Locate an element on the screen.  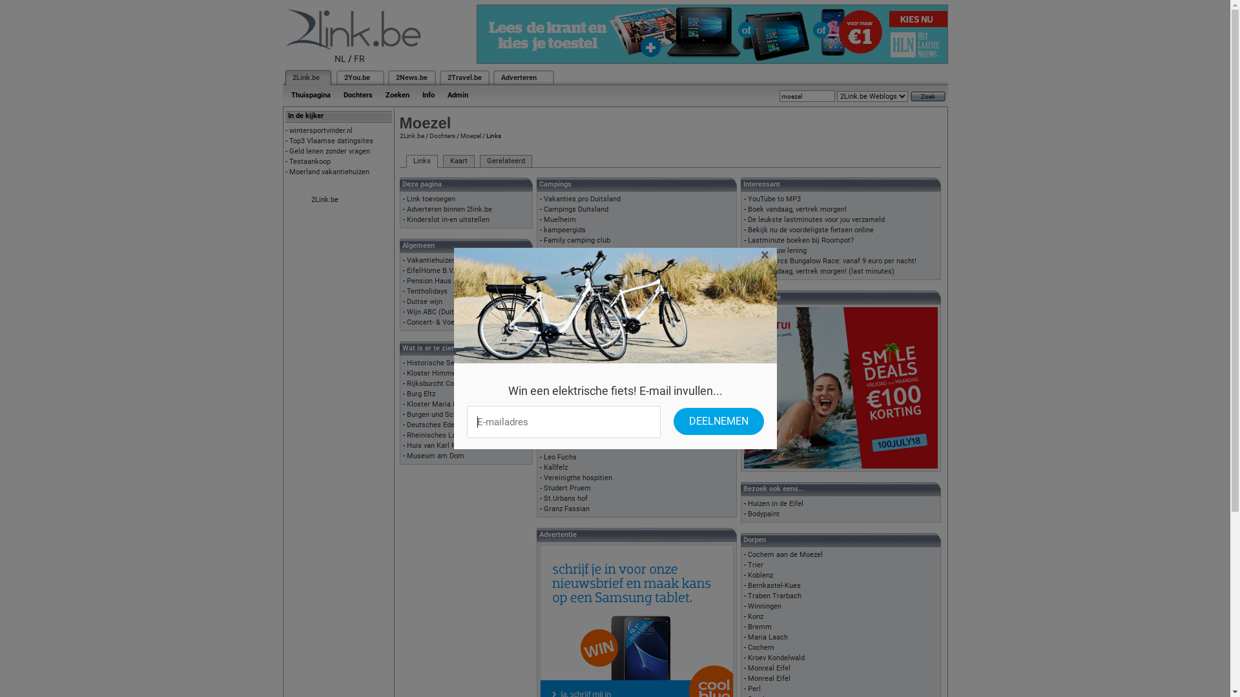
'Lastminute boeken bij Roompot?' is located at coordinates (800, 240).